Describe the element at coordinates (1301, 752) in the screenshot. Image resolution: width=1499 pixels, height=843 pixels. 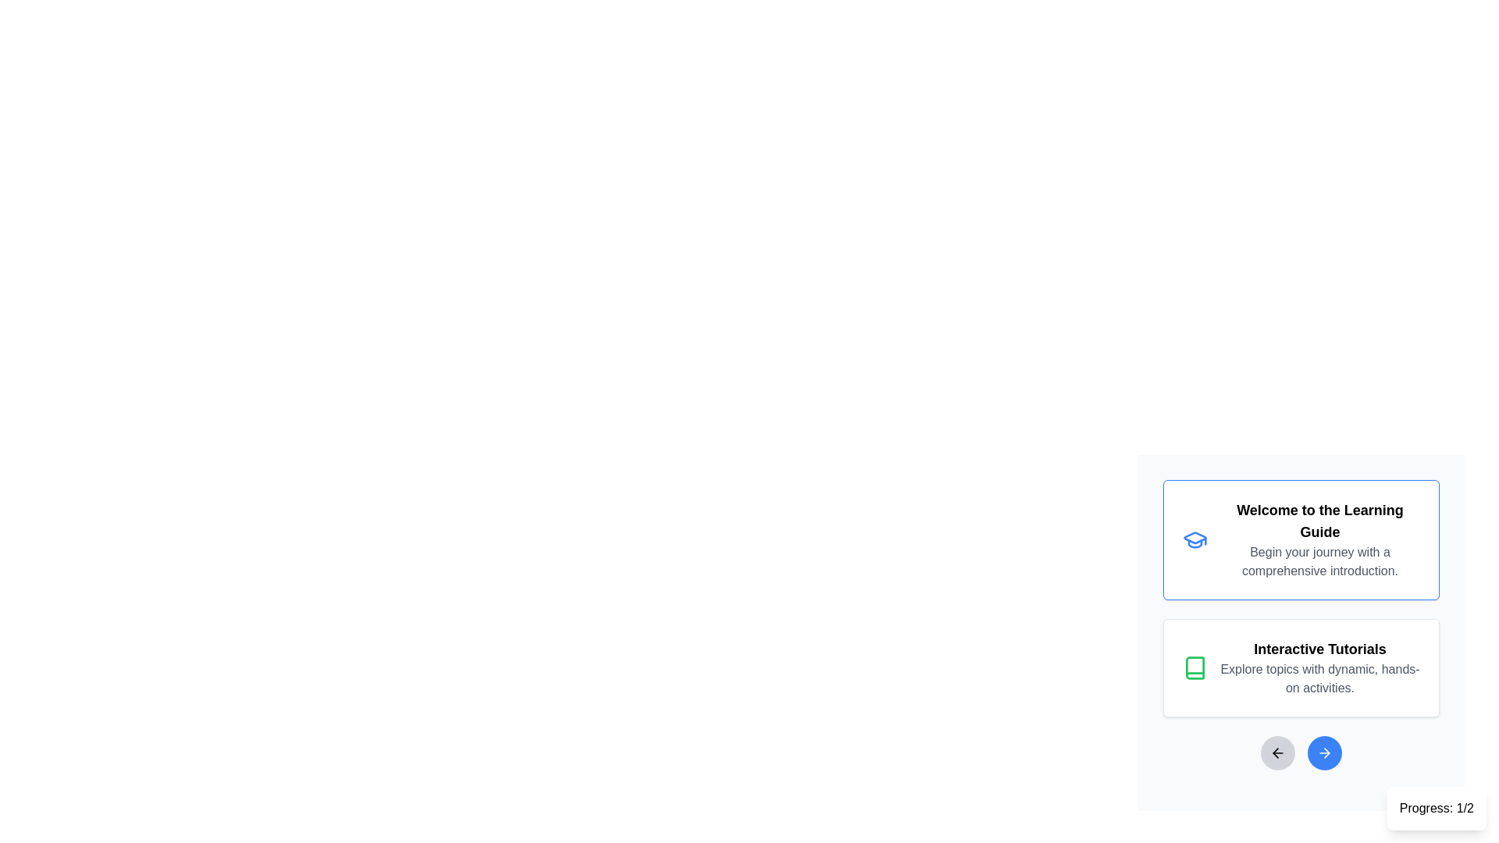
I see `the right button of the Navigation control located at the bottom of the content area` at that location.